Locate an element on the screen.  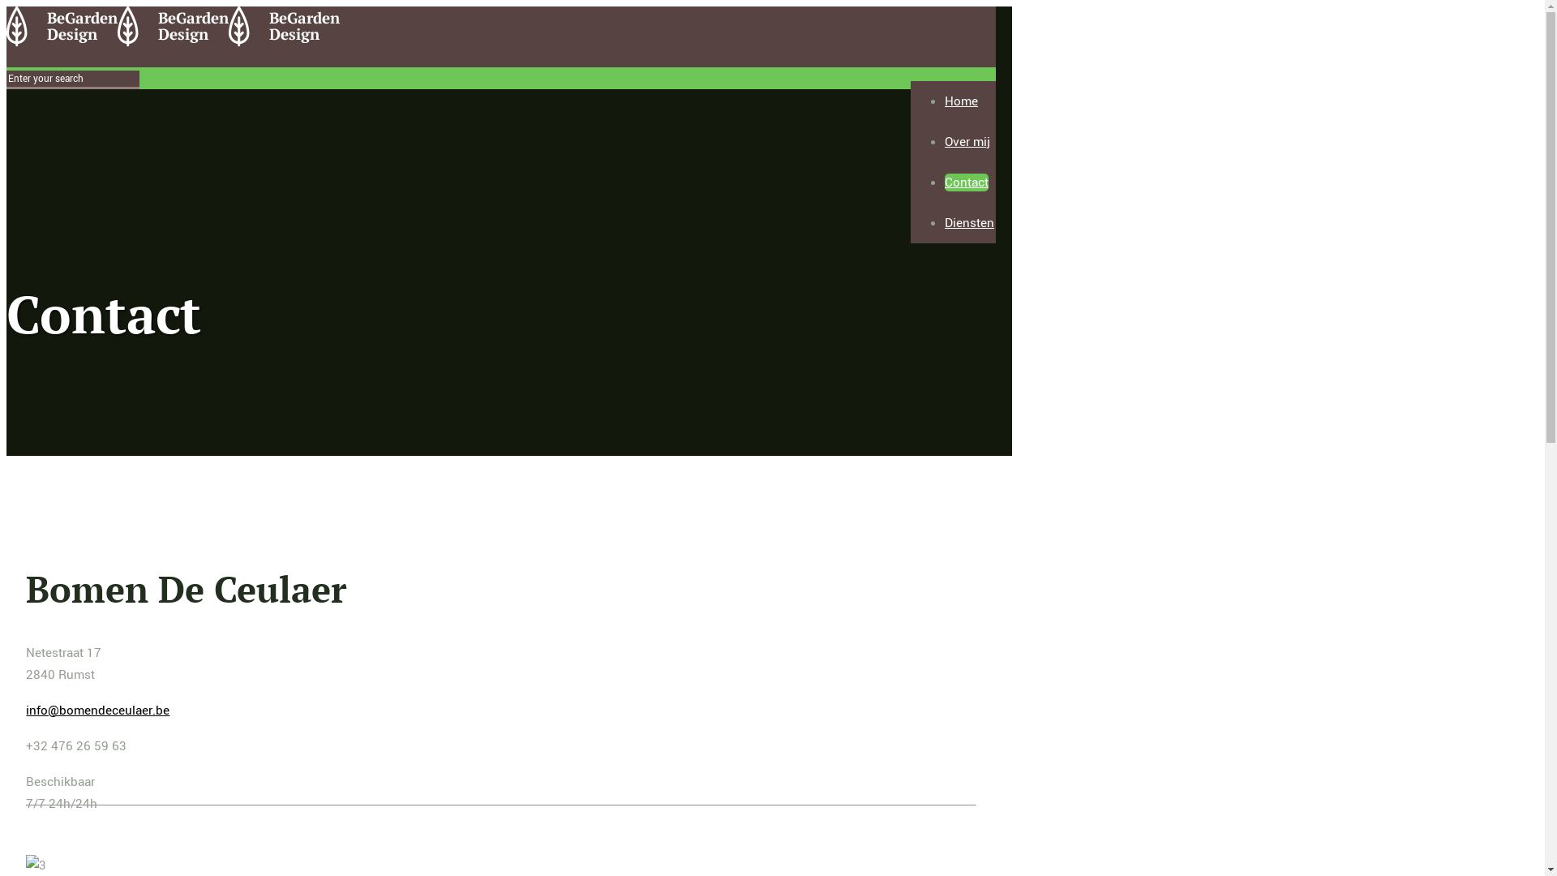
'Contact' is located at coordinates (966, 182).